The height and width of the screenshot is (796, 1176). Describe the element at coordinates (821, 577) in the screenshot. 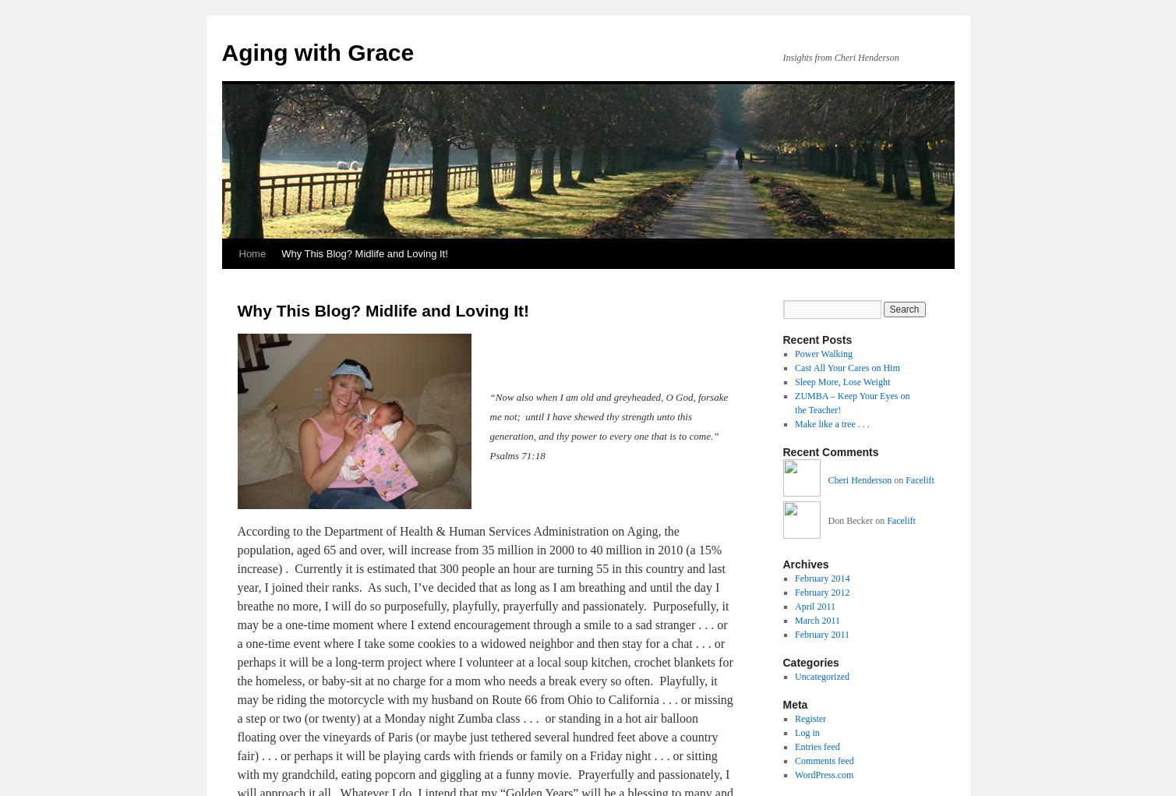

I see `'February 2014'` at that location.